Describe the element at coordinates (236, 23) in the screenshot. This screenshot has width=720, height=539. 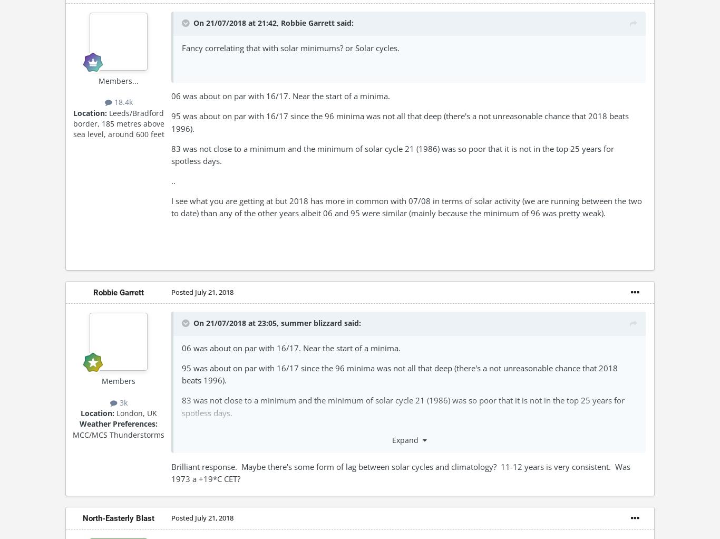
I see `'On 21/07/2018 at 21:42,'` at that location.